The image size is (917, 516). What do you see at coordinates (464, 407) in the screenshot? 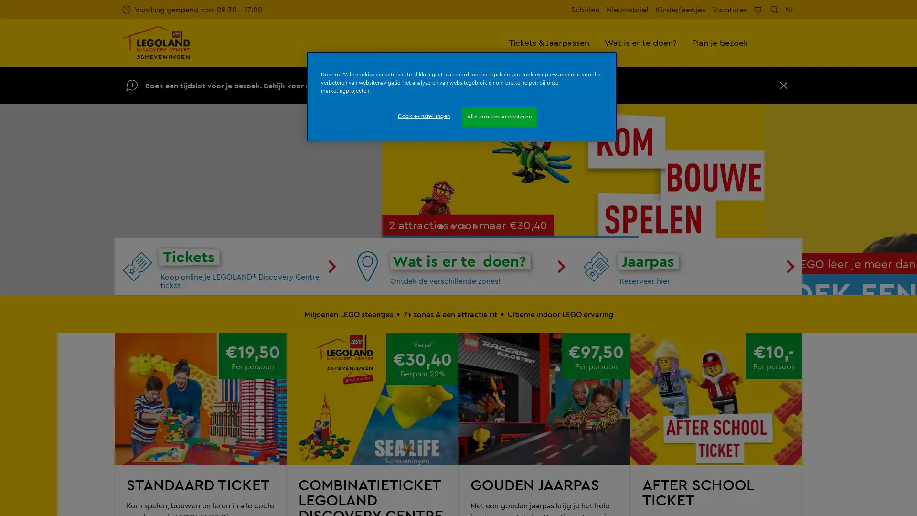
I see `Go to slide 3` at bounding box center [464, 407].